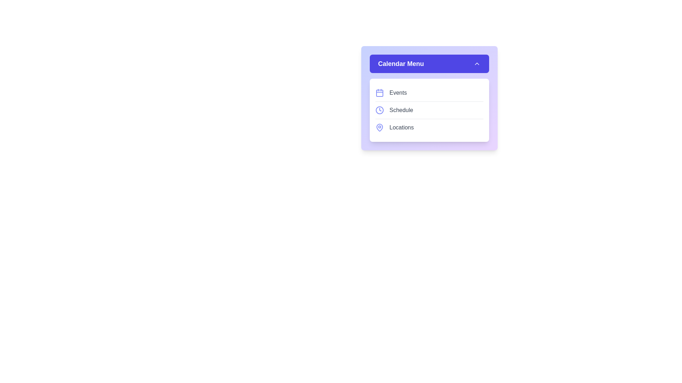 The height and width of the screenshot is (383, 682). What do you see at coordinates (429, 93) in the screenshot?
I see `the menu item Events` at bounding box center [429, 93].